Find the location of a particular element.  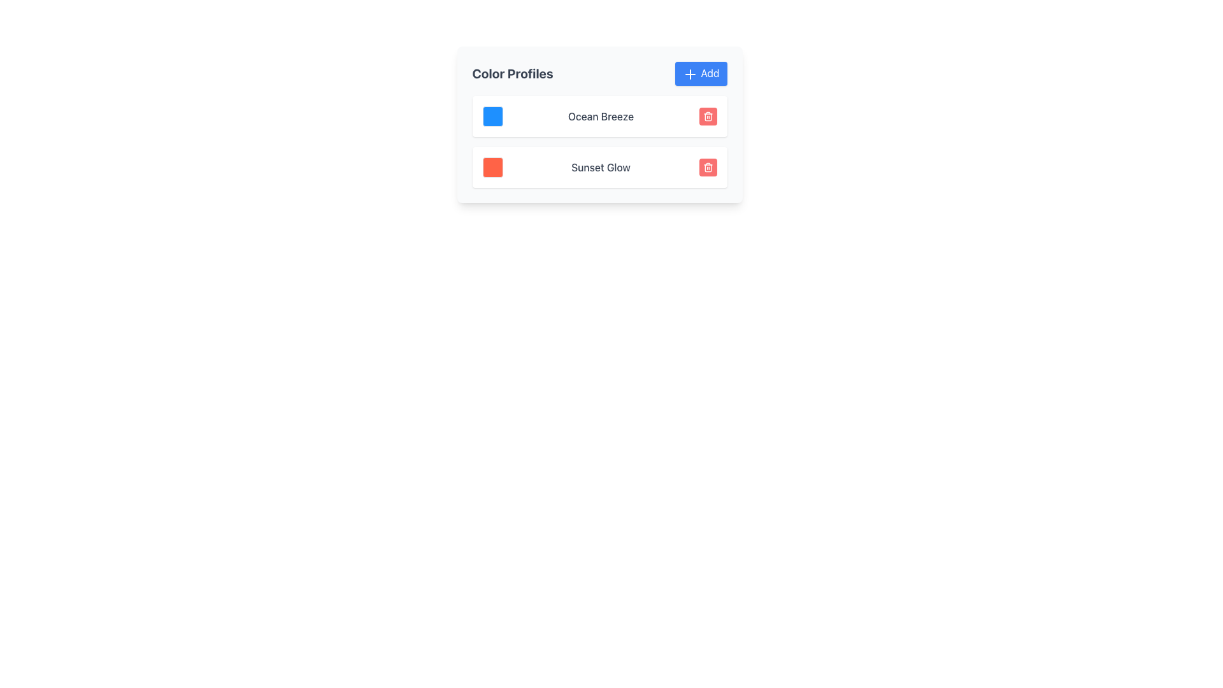

the red trash bin icon button located on the right side of the second row in the 'Color Profiles' section is located at coordinates (707, 116).